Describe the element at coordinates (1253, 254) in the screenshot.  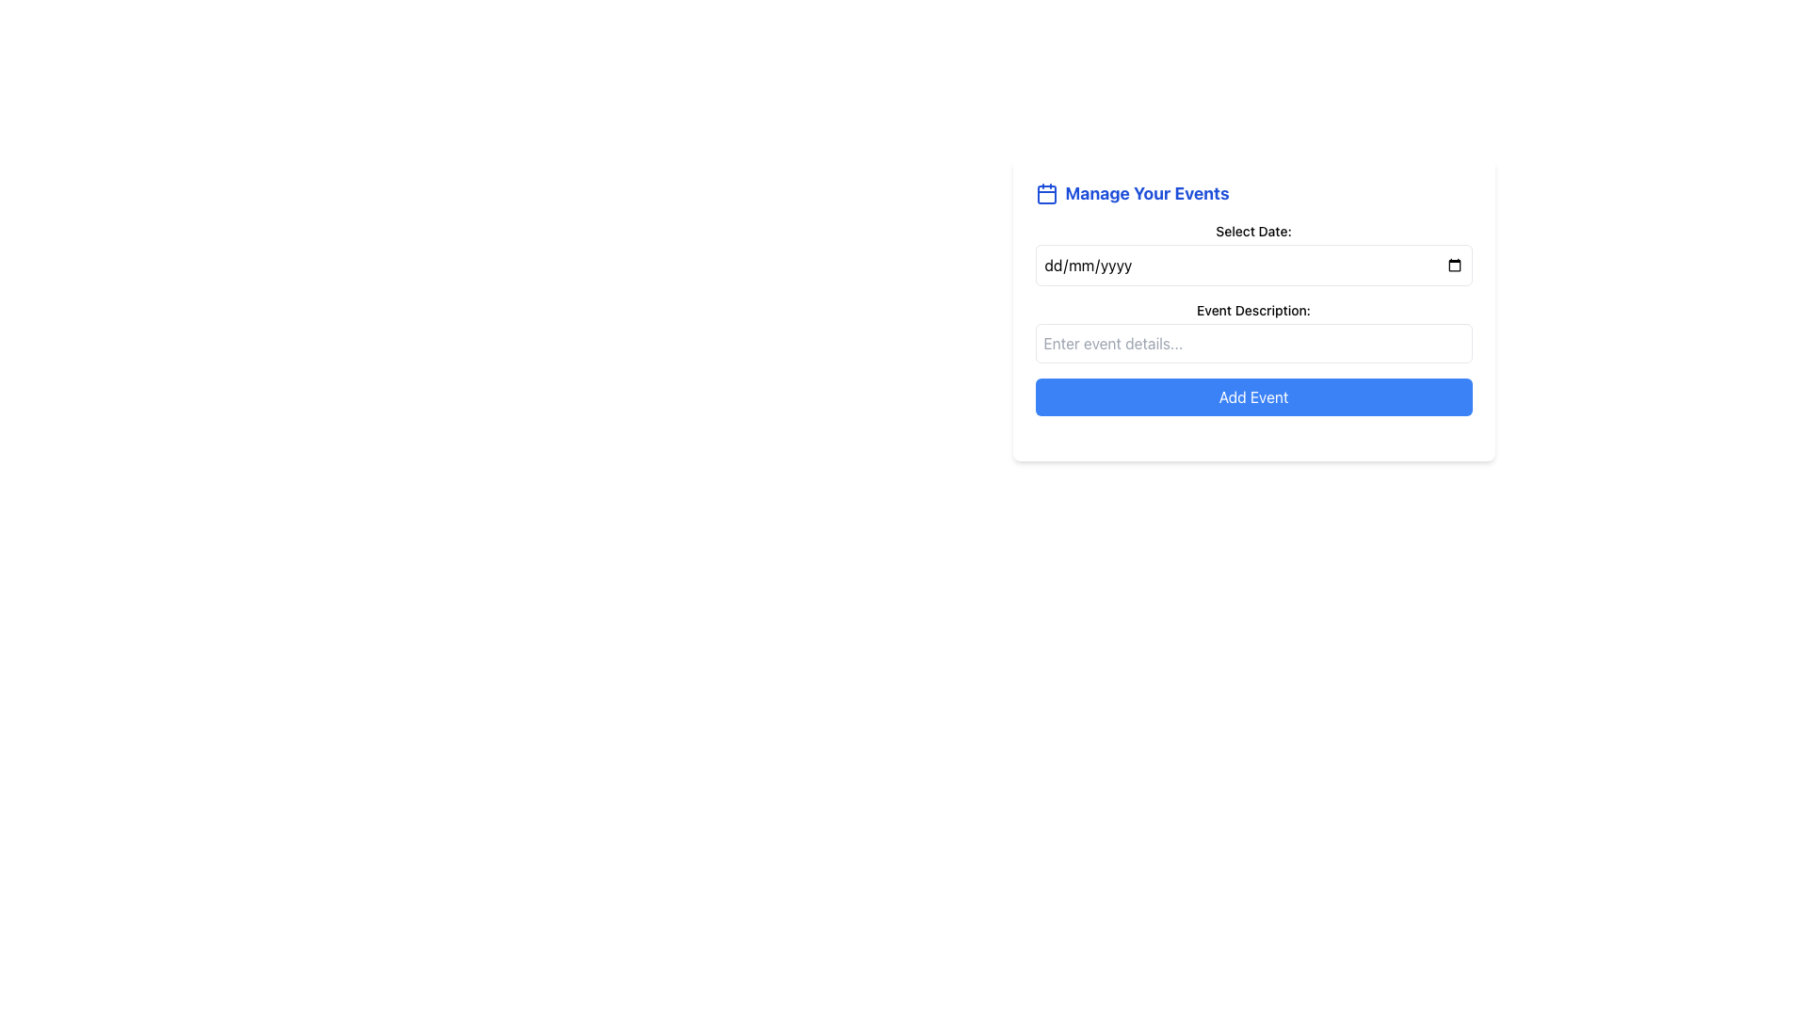
I see `the date input field located in the 'Manage Your Events' form, which is positioned above the 'Event Description:' section` at that location.